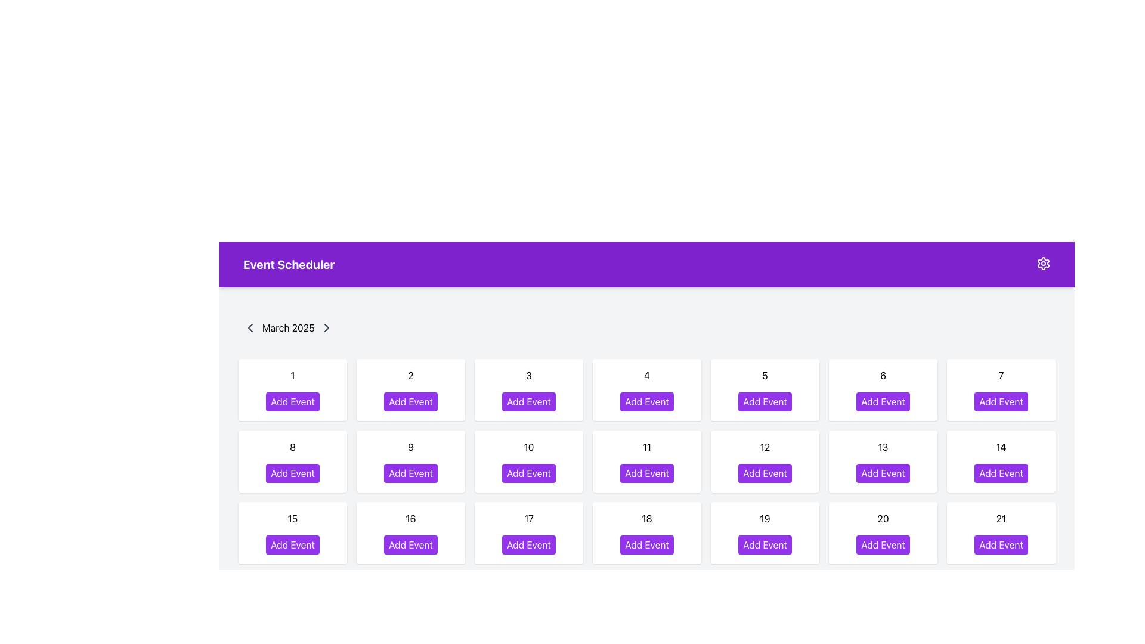 This screenshot has height=644, width=1145. I want to click on the interactive button for adding an event located in the fourth column of the first row under the 'Event Scheduler' heading, so click(646, 402).